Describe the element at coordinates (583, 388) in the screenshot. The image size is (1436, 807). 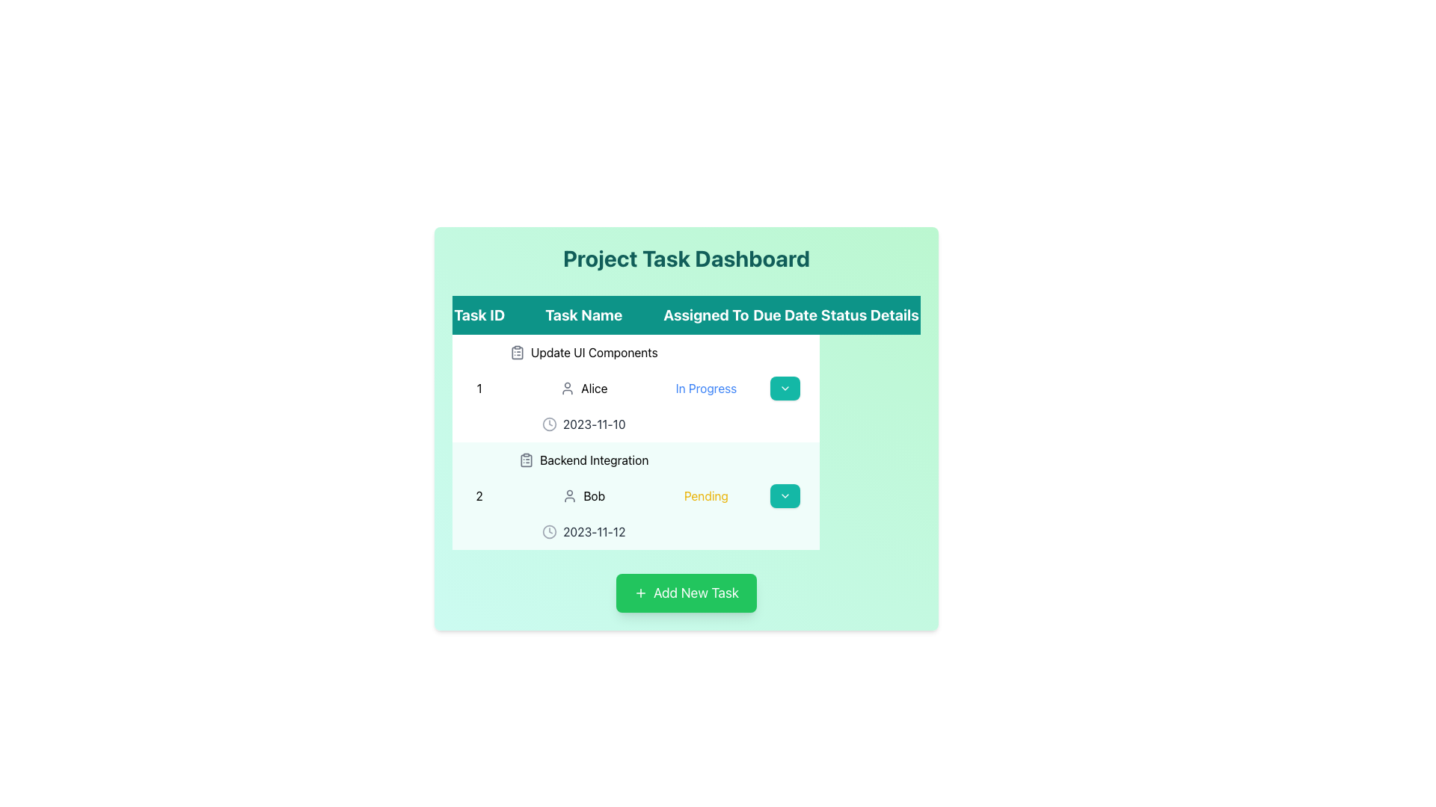
I see `the text and icon combination displaying 'Alice' in bold black text, which is adjacent to a user icon in grayscale, located in the third column of the first row under the 'Assigned To' header in the data table` at that location.